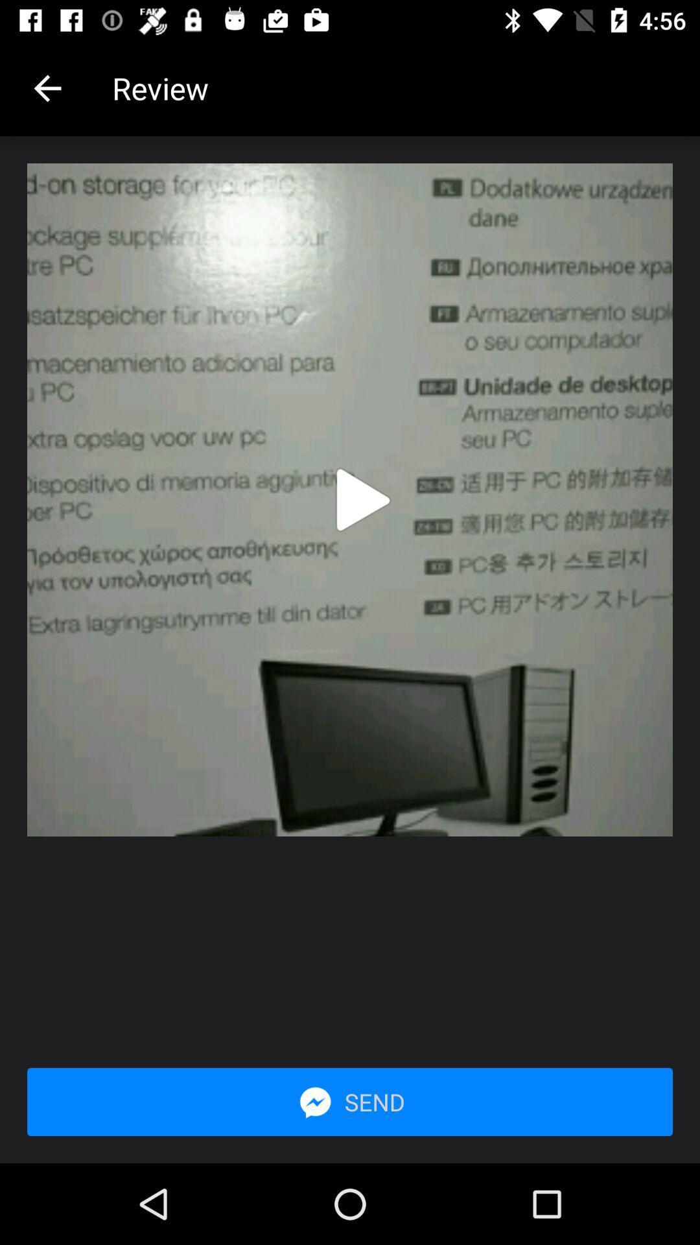  I want to click on preview video, so click(363, 499).